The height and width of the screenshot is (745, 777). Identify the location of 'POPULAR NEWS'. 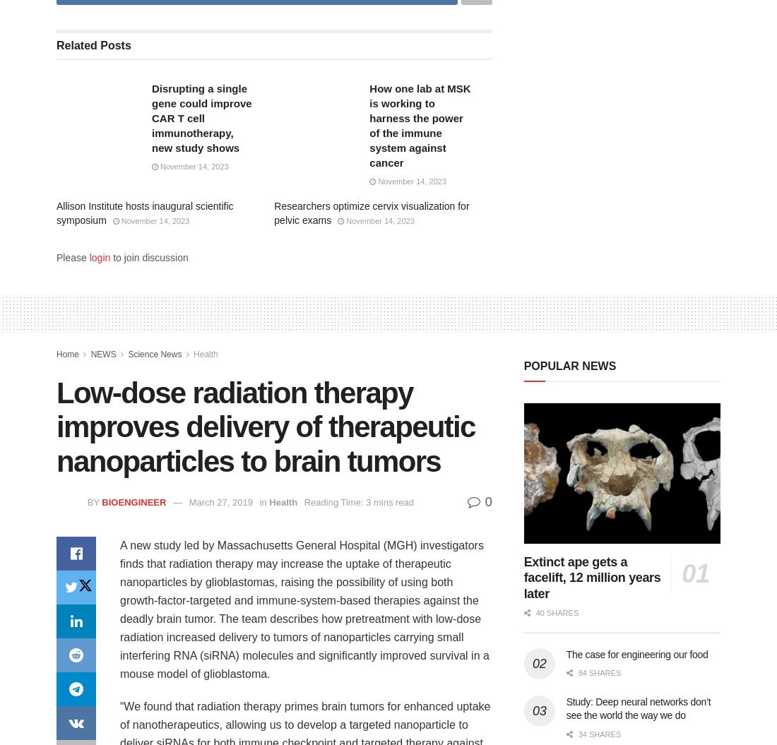
(569, 365).